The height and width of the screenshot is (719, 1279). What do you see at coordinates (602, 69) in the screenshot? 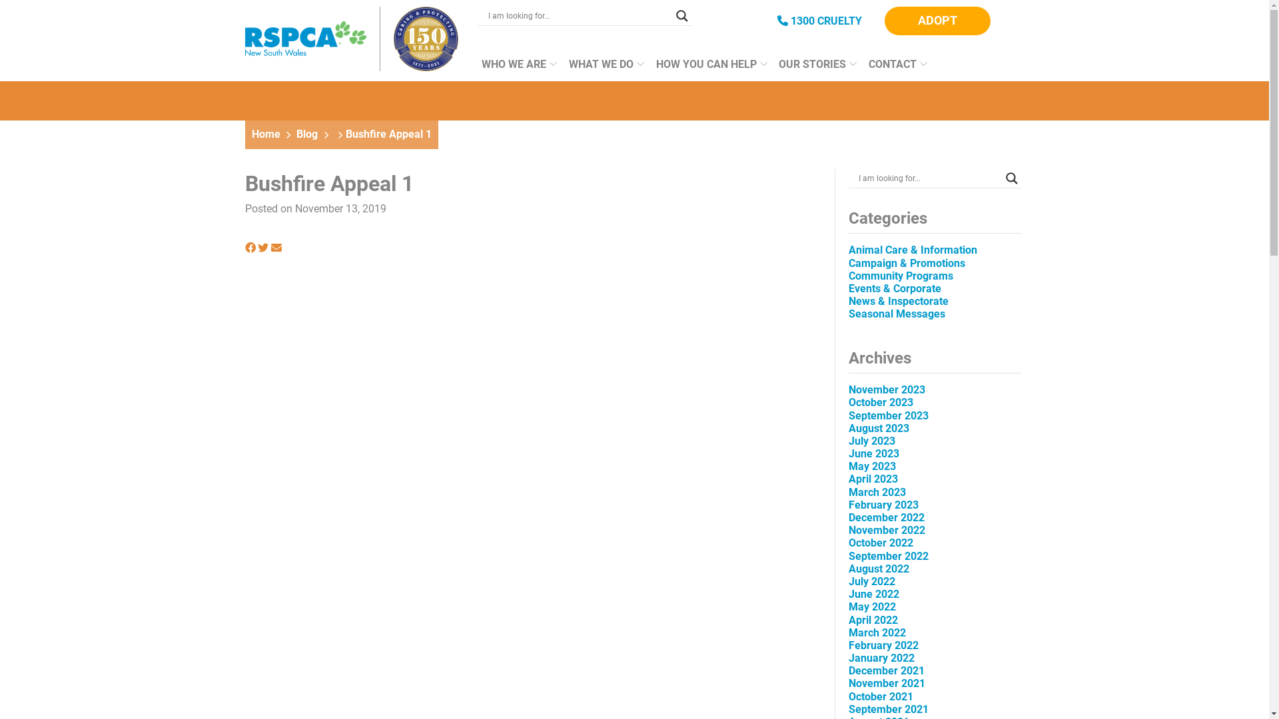
I see `'WHAT WE DO'` at bounding box center [602, 69].